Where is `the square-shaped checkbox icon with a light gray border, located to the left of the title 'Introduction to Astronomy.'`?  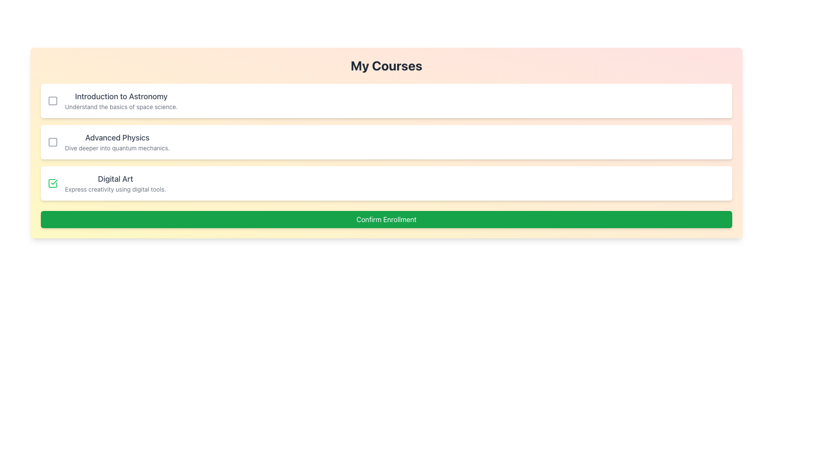 the square-shaped checkbox icon with a light gray border, located to the left of the title 'Introduction to Astronomy.' is located at coordinates (52, 101).